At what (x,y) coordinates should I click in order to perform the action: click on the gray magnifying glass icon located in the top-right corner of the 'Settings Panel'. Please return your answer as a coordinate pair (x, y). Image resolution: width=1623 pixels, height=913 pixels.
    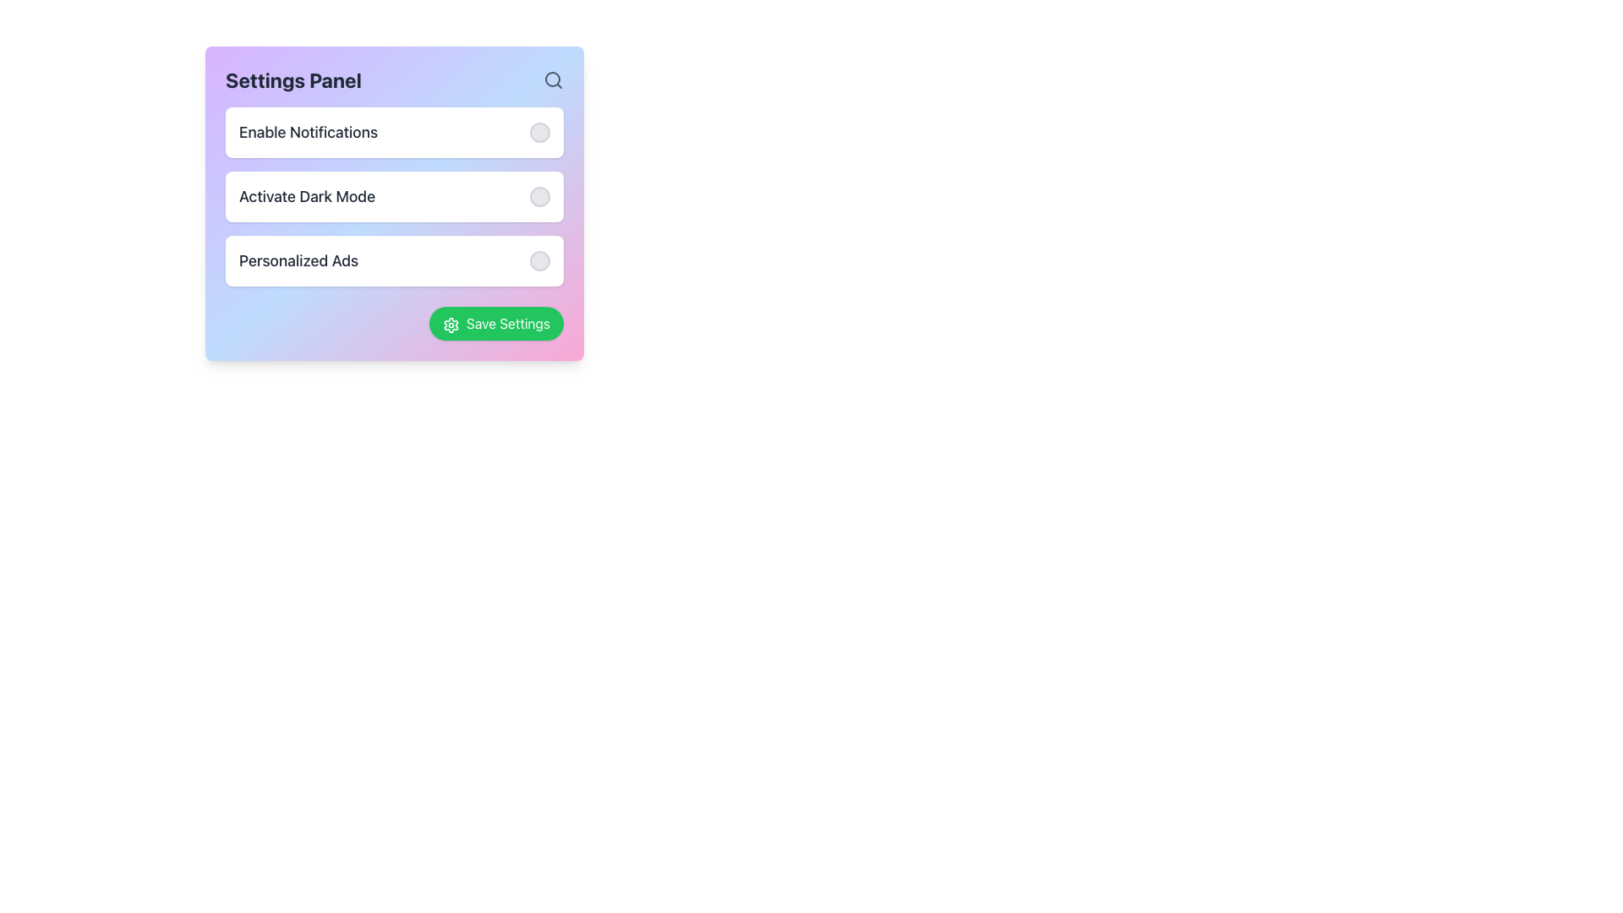
    Looking at the image, I should click on (553, 80).